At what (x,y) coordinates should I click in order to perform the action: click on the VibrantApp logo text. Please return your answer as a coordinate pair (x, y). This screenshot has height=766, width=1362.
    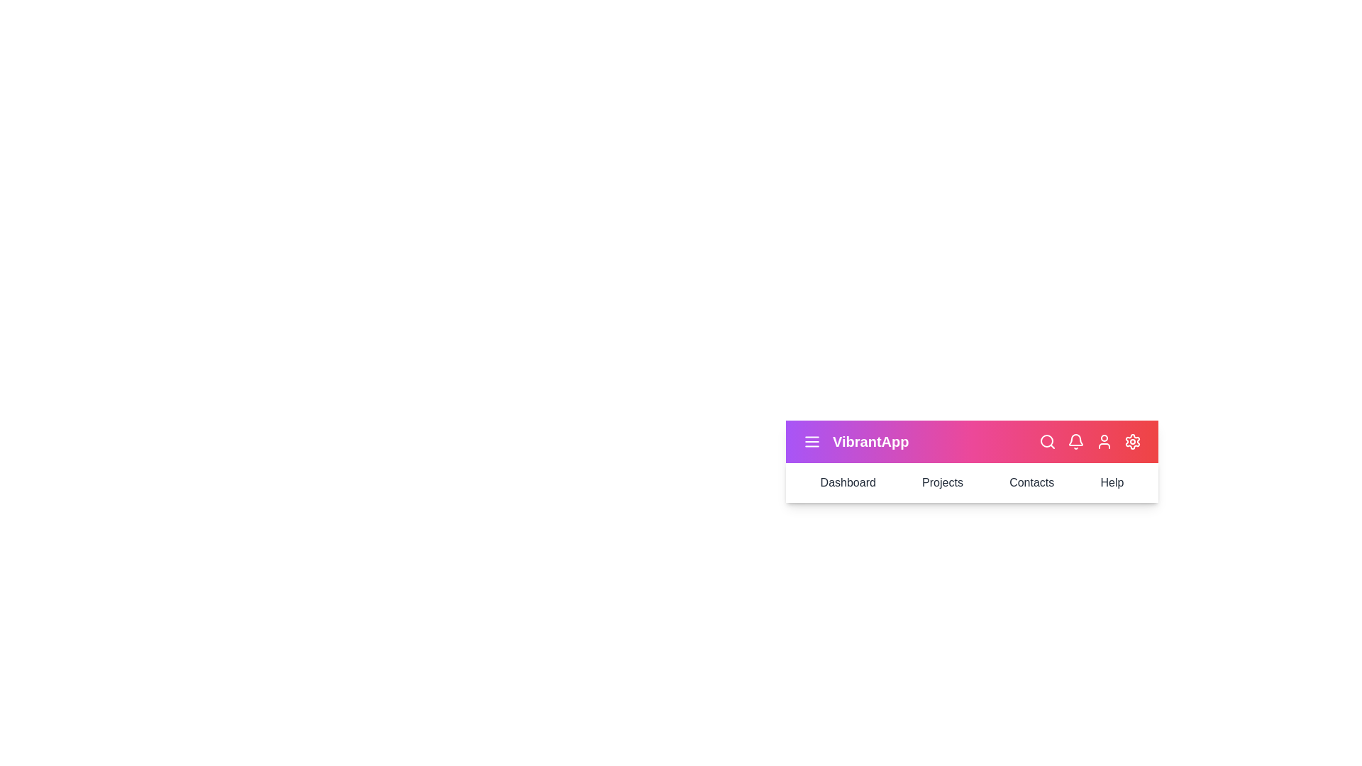
    Looking at the image, I should click on (870, 441).